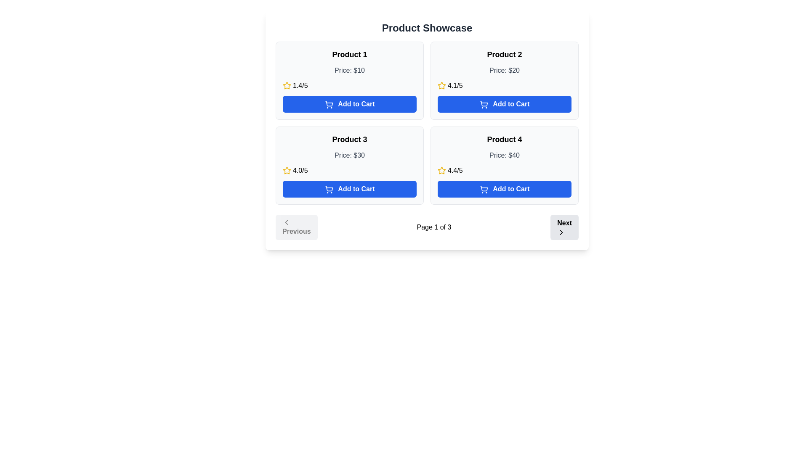 The image size is (808, 454). What do you see at coordinates (441, 86) in the screenshot?
I see `the star icon representing the product rating, which is located in the upper row, second column of the product grid, next to the rating text '4.1/5'` at bounding box center [441, 86].